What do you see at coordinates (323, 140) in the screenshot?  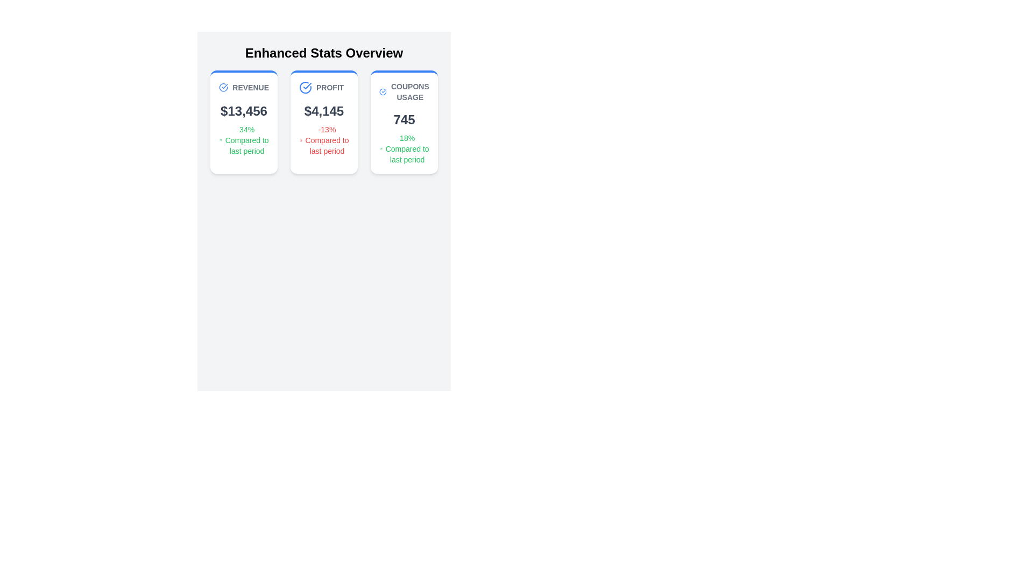 I see `the Text with icon displaying a comparative percentage change indicating a decrease in profitability, located below the '$4,145' text in the 'Profit' card` at bounding box center [323, 140].